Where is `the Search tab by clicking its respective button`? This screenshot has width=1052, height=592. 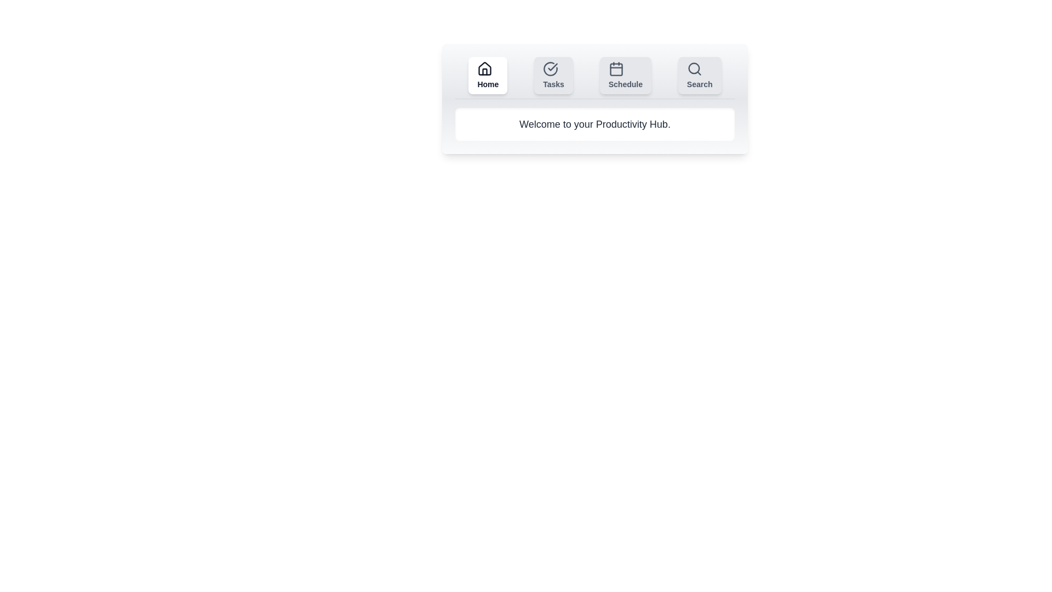 the Search tab by clicking its respective button is located at coordinates (699, 75).